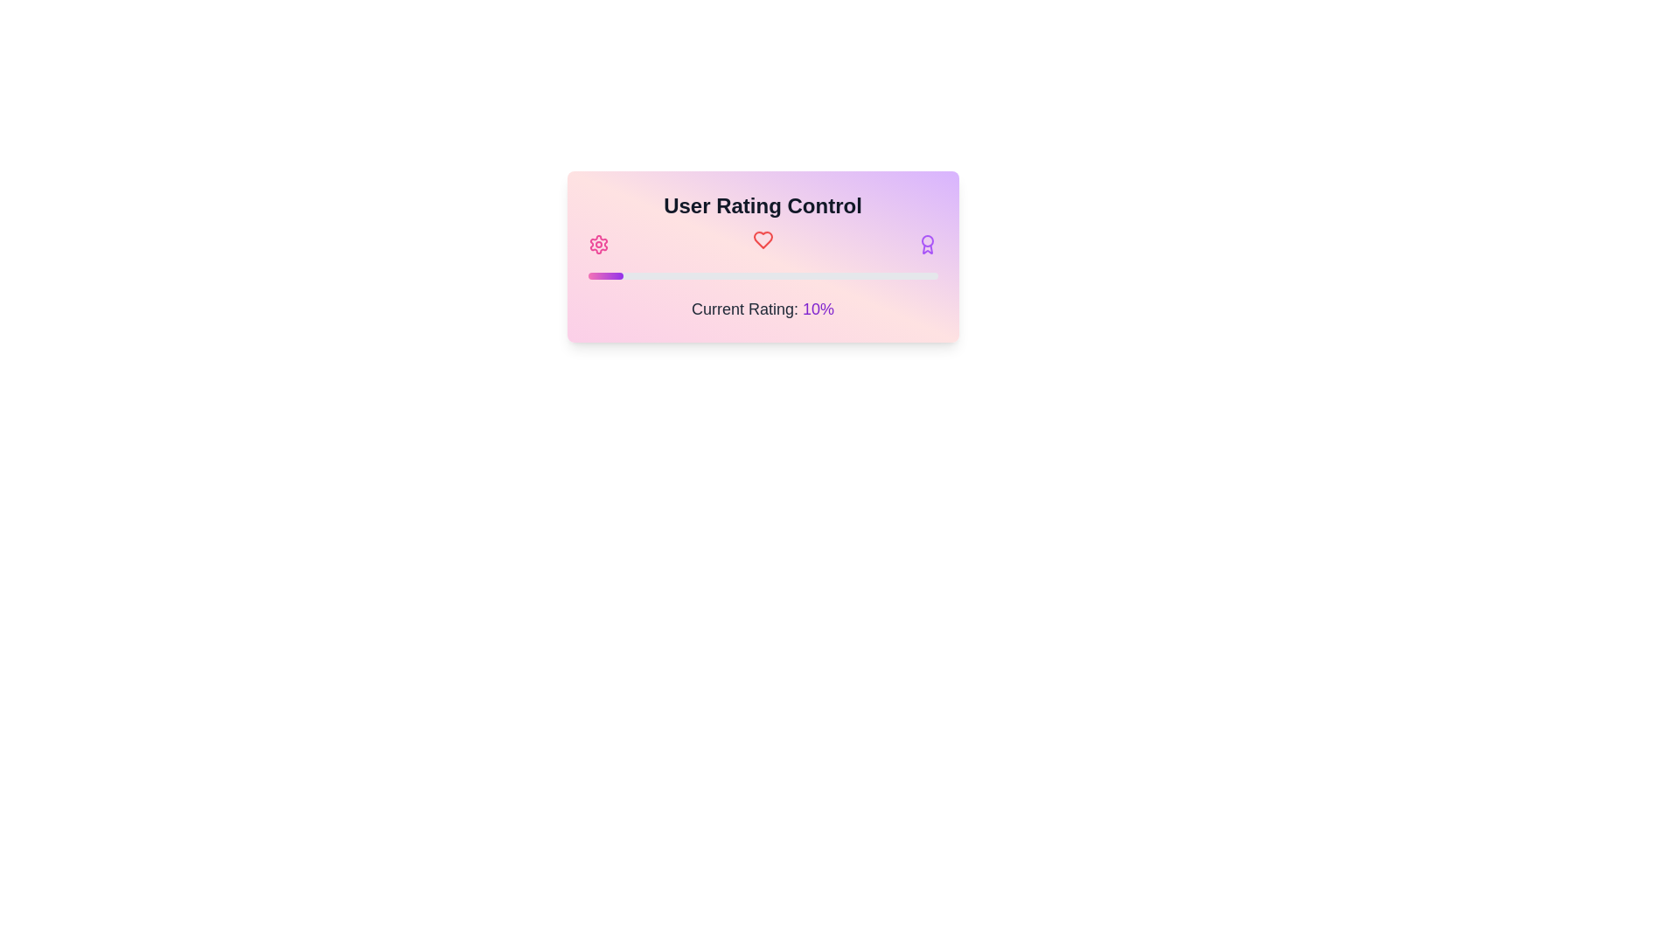 The image size is (1679, 944). What do you see at coordinates (926, 245) in the screenshot?
I see `the award icon, which is the third icon in a row of three icons, positioned to the far right, indicating achievements or recognition` at bounding box center [926, 245].